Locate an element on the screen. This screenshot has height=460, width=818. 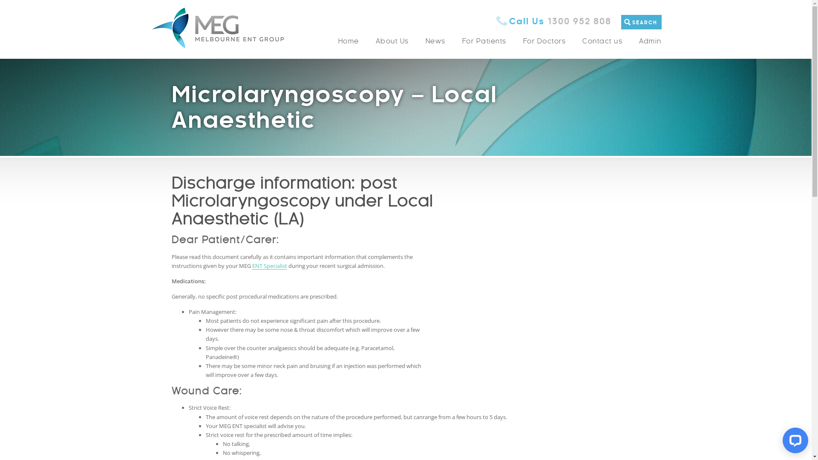
'Admin' is located at coordinates (646, 41).